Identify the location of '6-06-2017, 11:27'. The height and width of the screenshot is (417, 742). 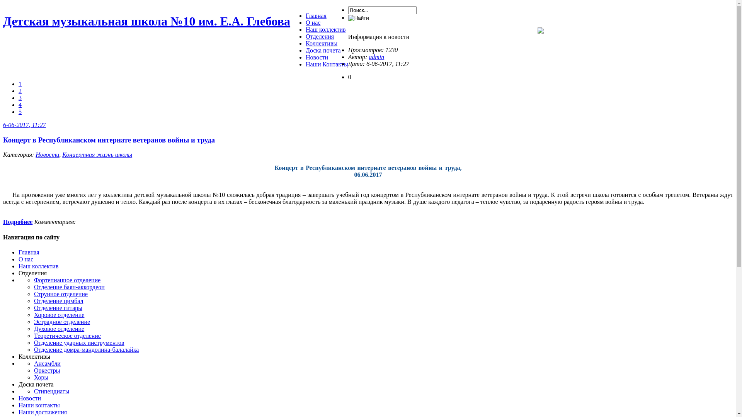
(24, 124).